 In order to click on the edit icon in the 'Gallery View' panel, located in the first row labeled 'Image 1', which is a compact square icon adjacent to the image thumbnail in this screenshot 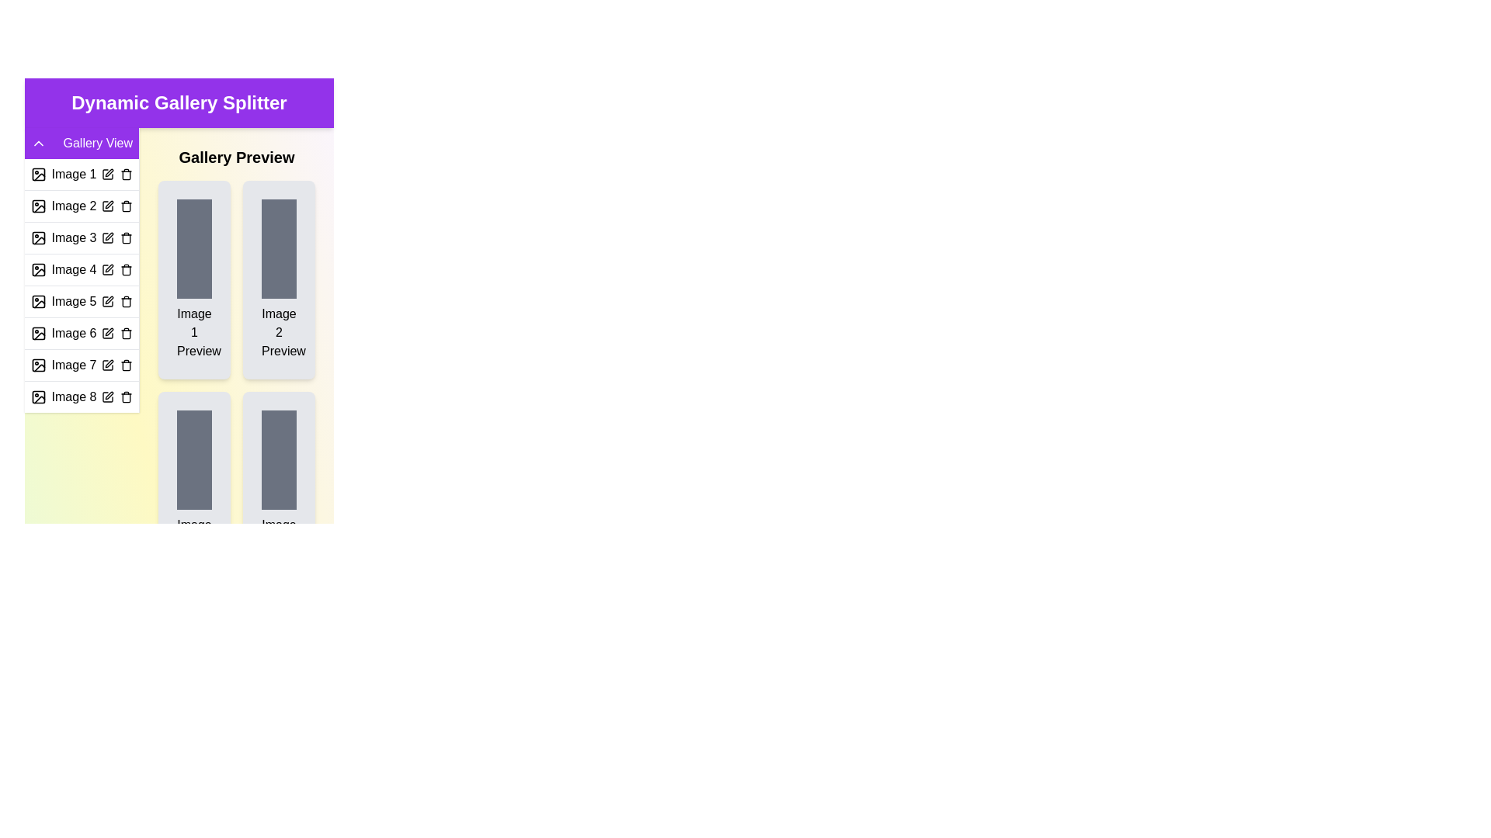, I will do `click(107, 174)`.